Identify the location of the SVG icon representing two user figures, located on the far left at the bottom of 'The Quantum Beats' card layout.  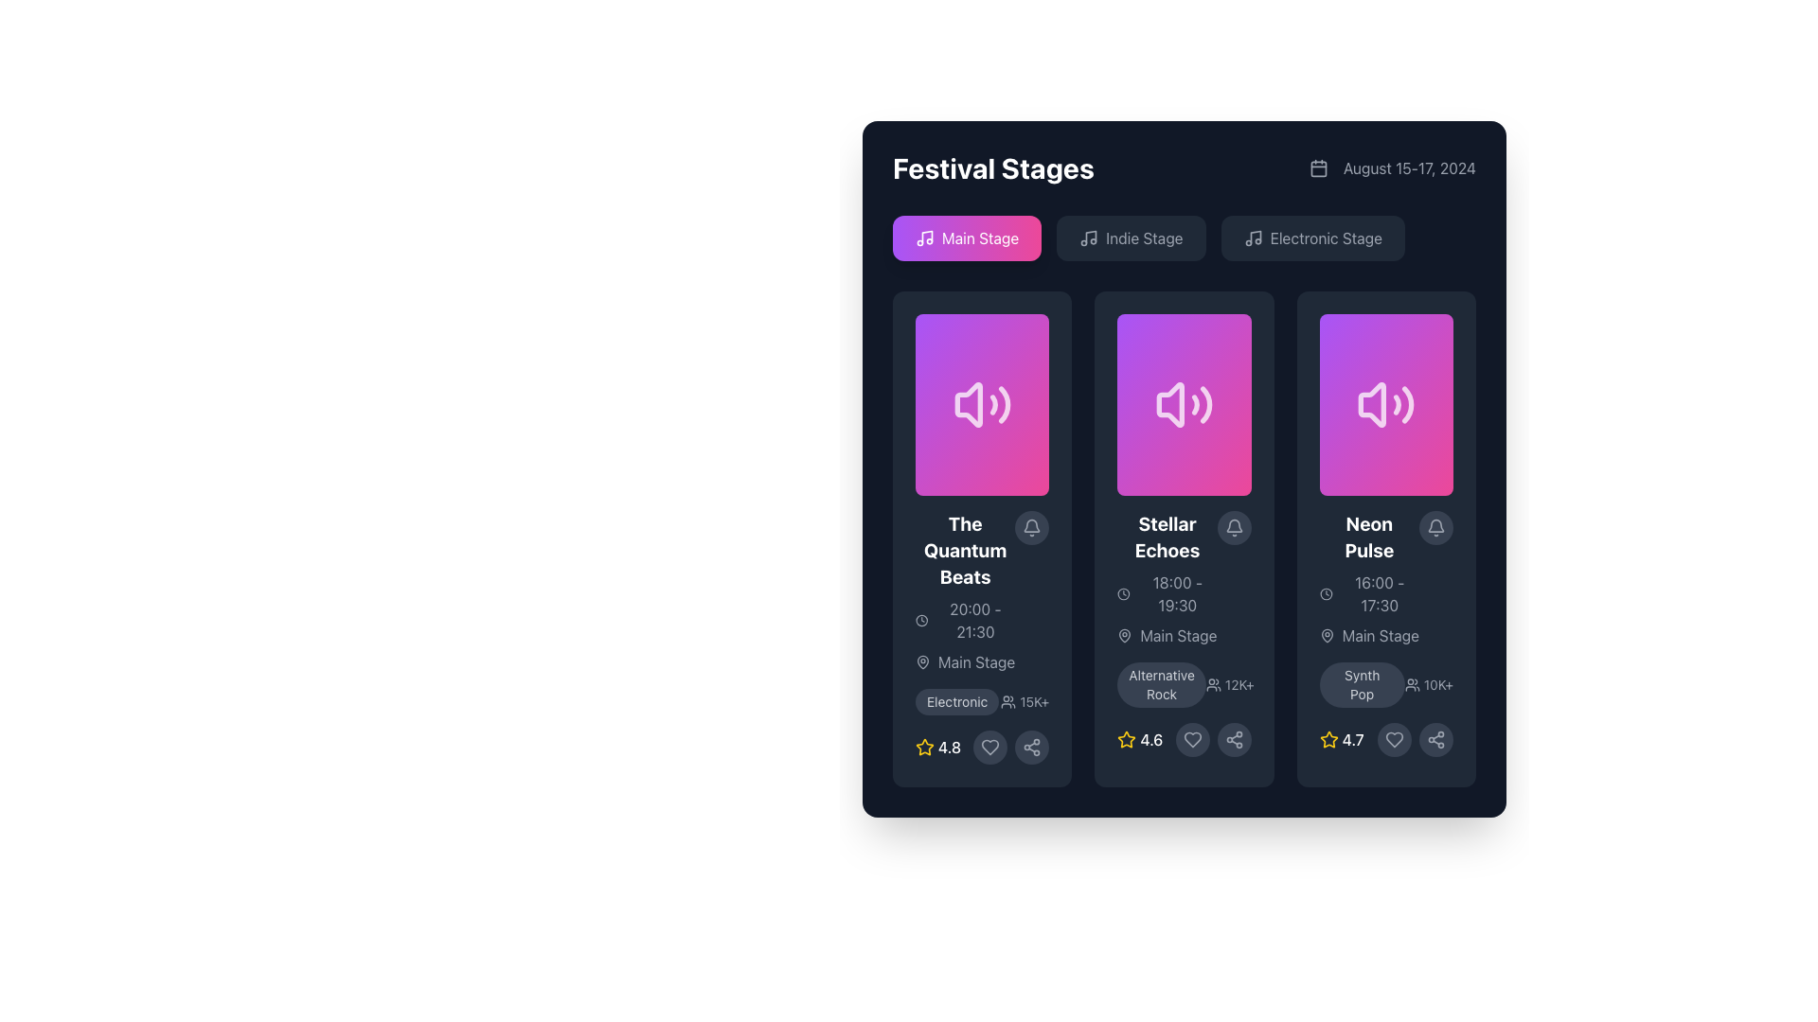
(1007, 701).